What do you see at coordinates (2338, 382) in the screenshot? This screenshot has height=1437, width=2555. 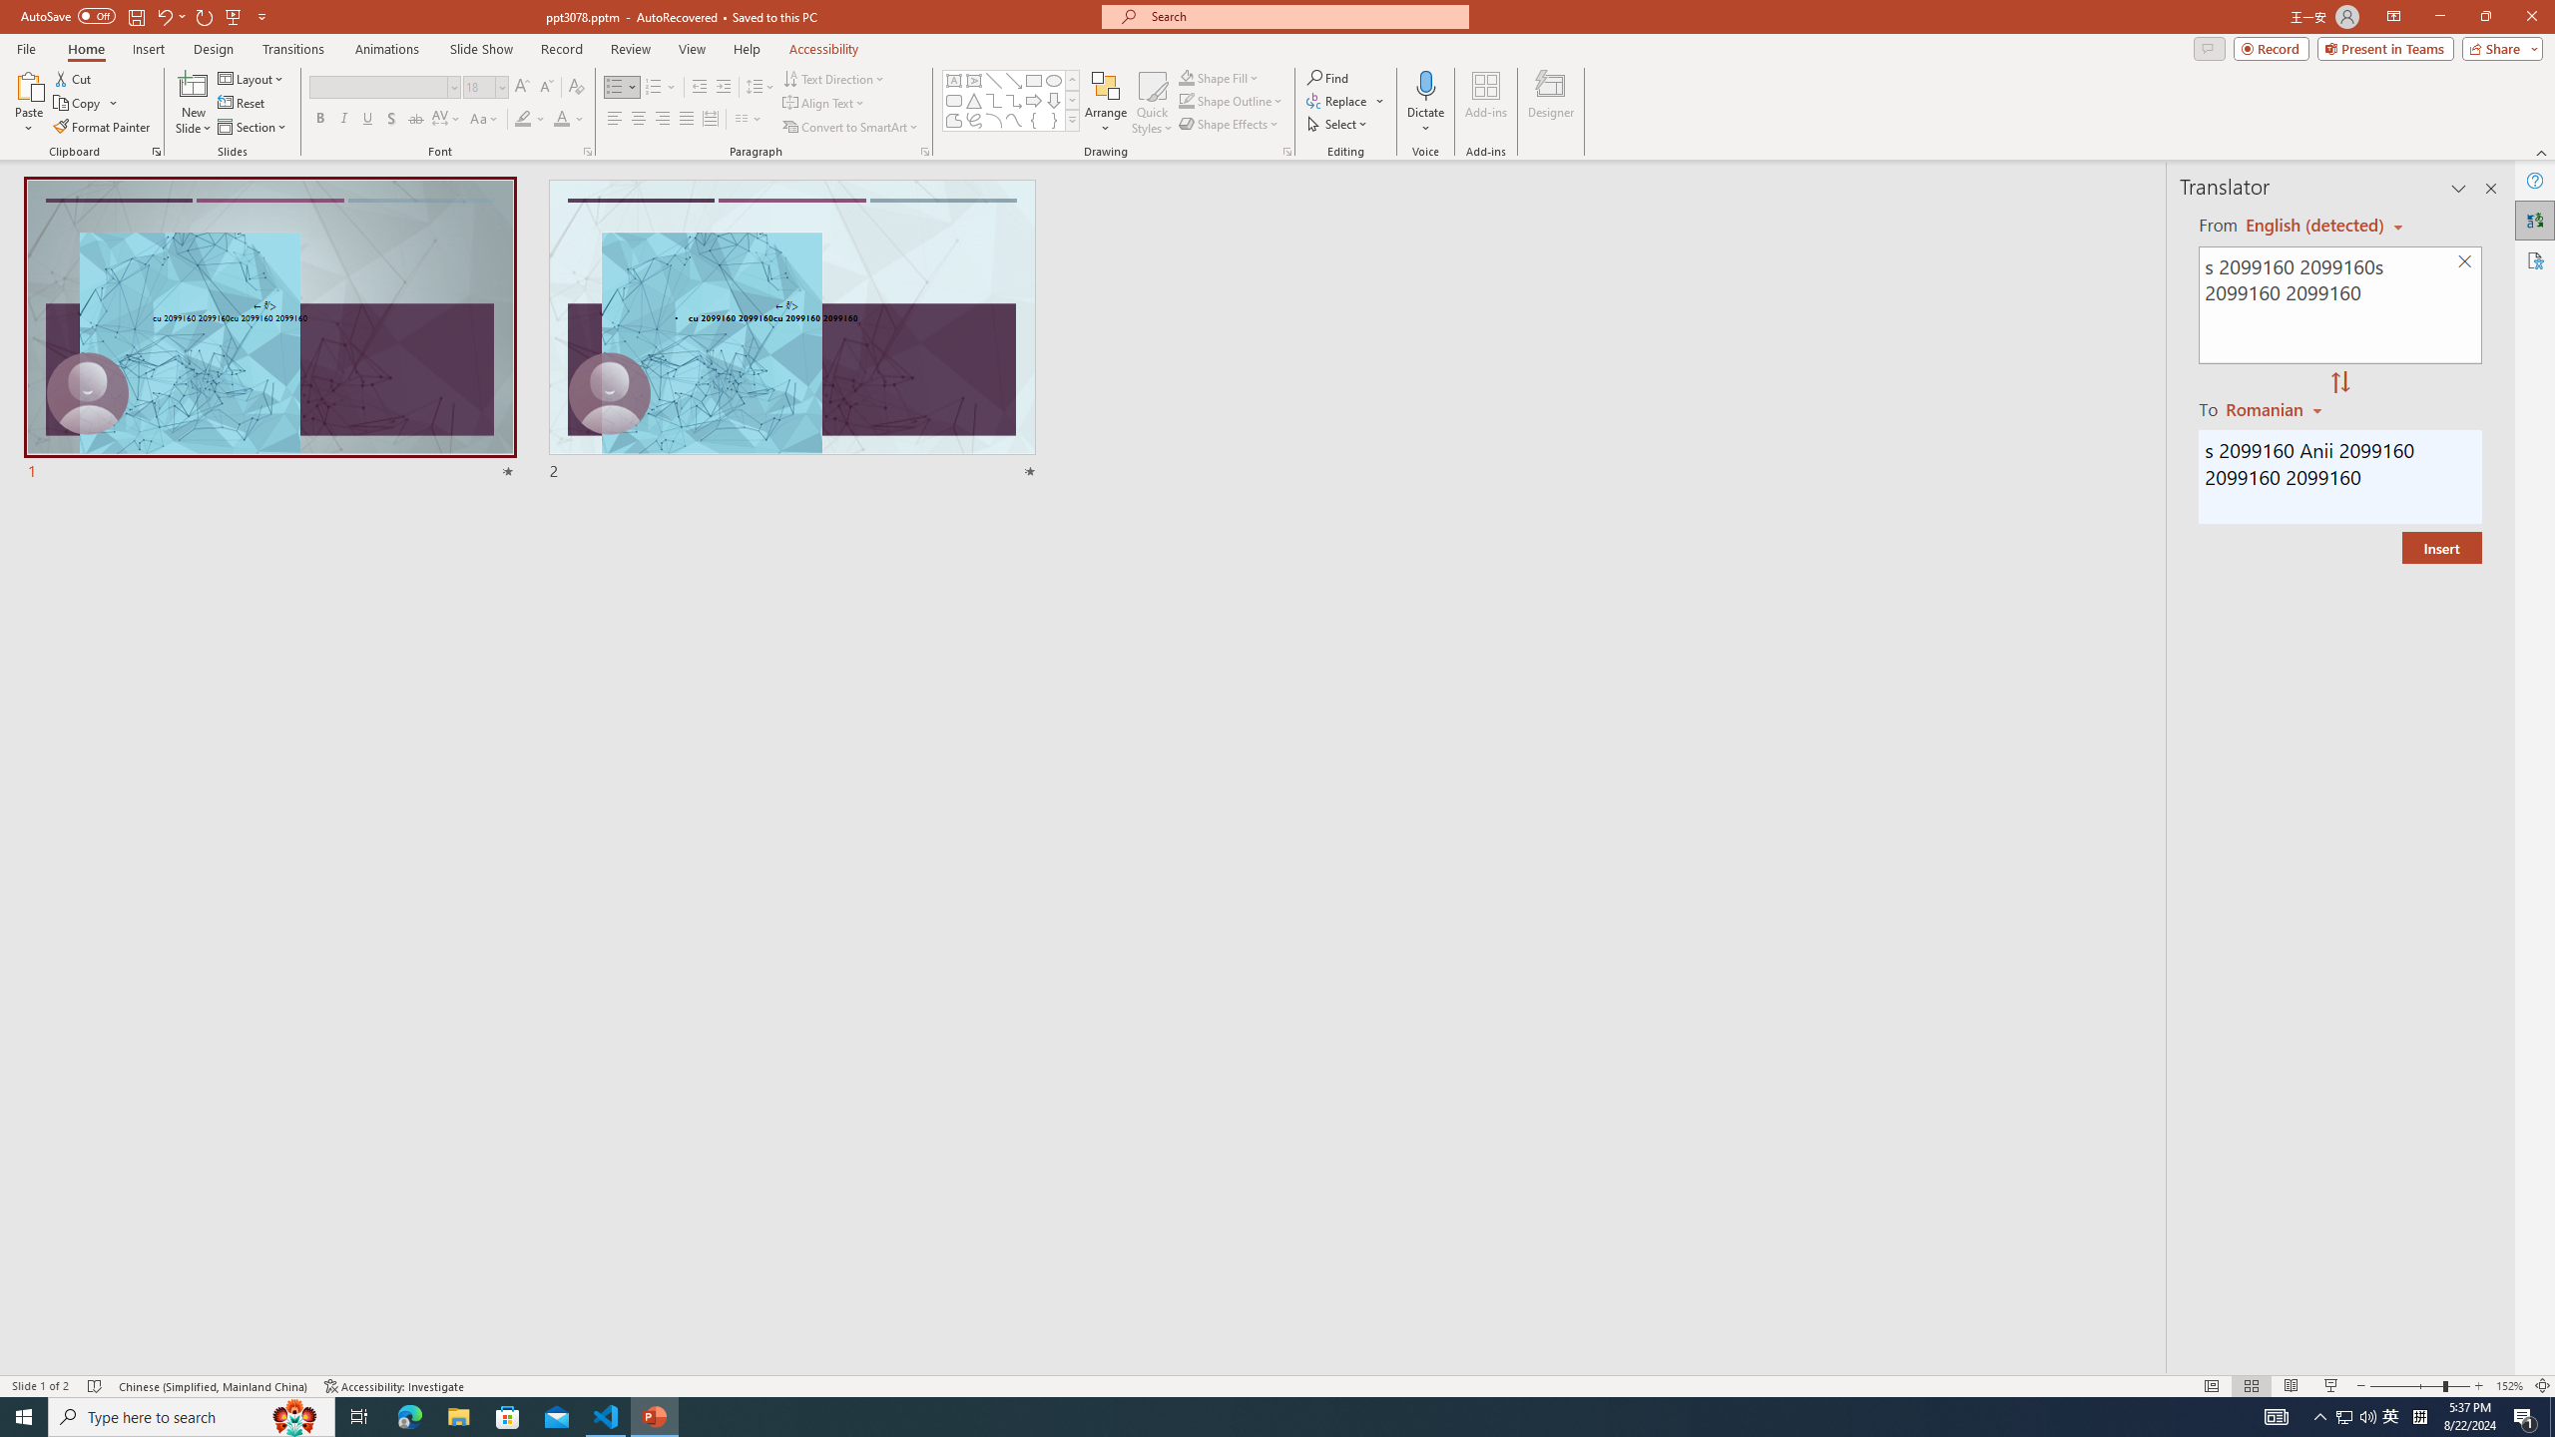 I see `'Swap "from" and "to" languages.'` at bounding box center [2338, 382].